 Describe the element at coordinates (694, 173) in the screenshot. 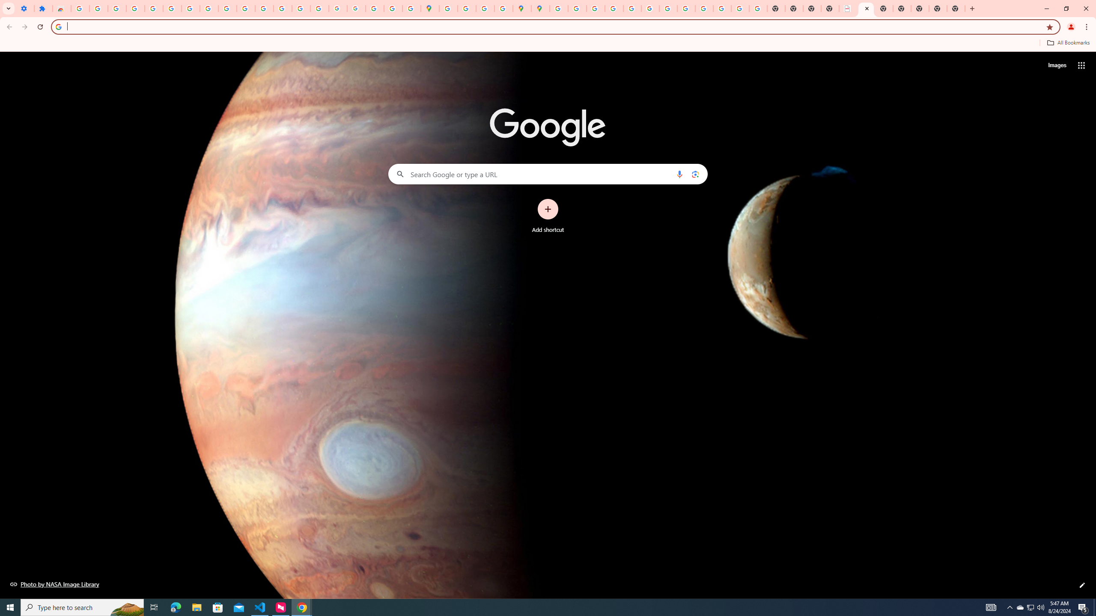

I see `'Search by image'` at that location.